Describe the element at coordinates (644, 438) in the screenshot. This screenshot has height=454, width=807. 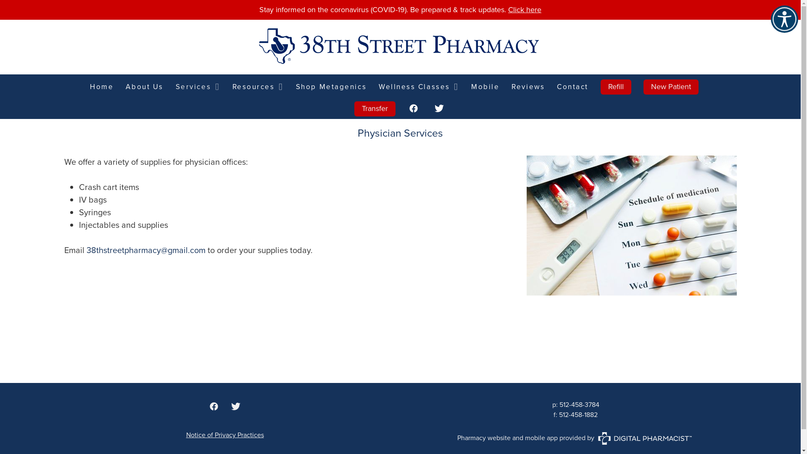
I see `'Digital Pharmacist'` at that location.